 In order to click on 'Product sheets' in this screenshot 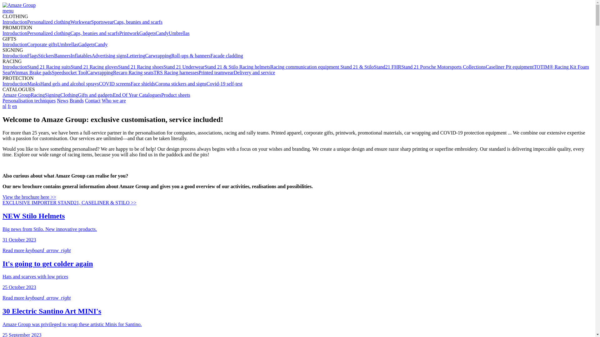, I will do `click(175, 95)`.